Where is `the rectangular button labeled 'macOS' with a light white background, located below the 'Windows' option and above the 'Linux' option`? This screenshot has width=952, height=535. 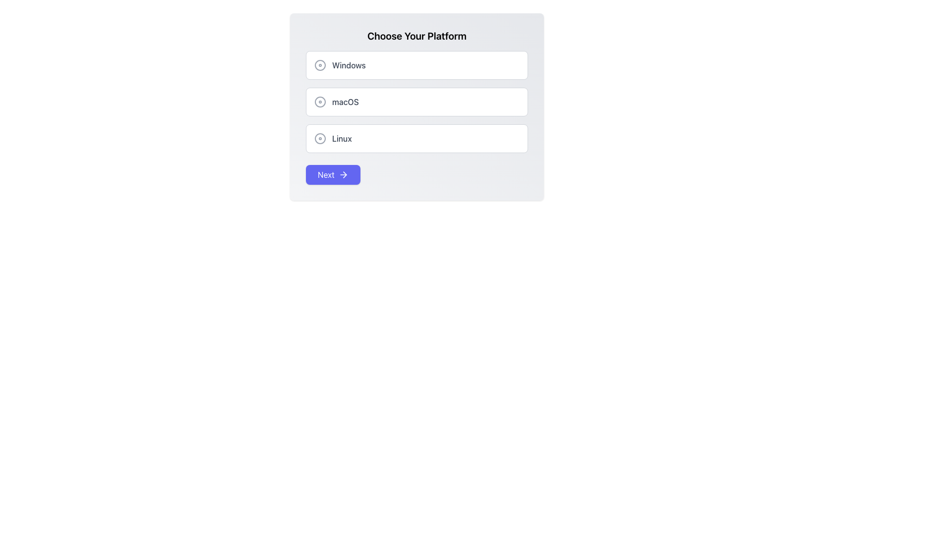 the rectangular button labeled 'macOS' with a light white background, located below the 'Windows' option and above the 'Linux' option is located at coordinates (416, 102).